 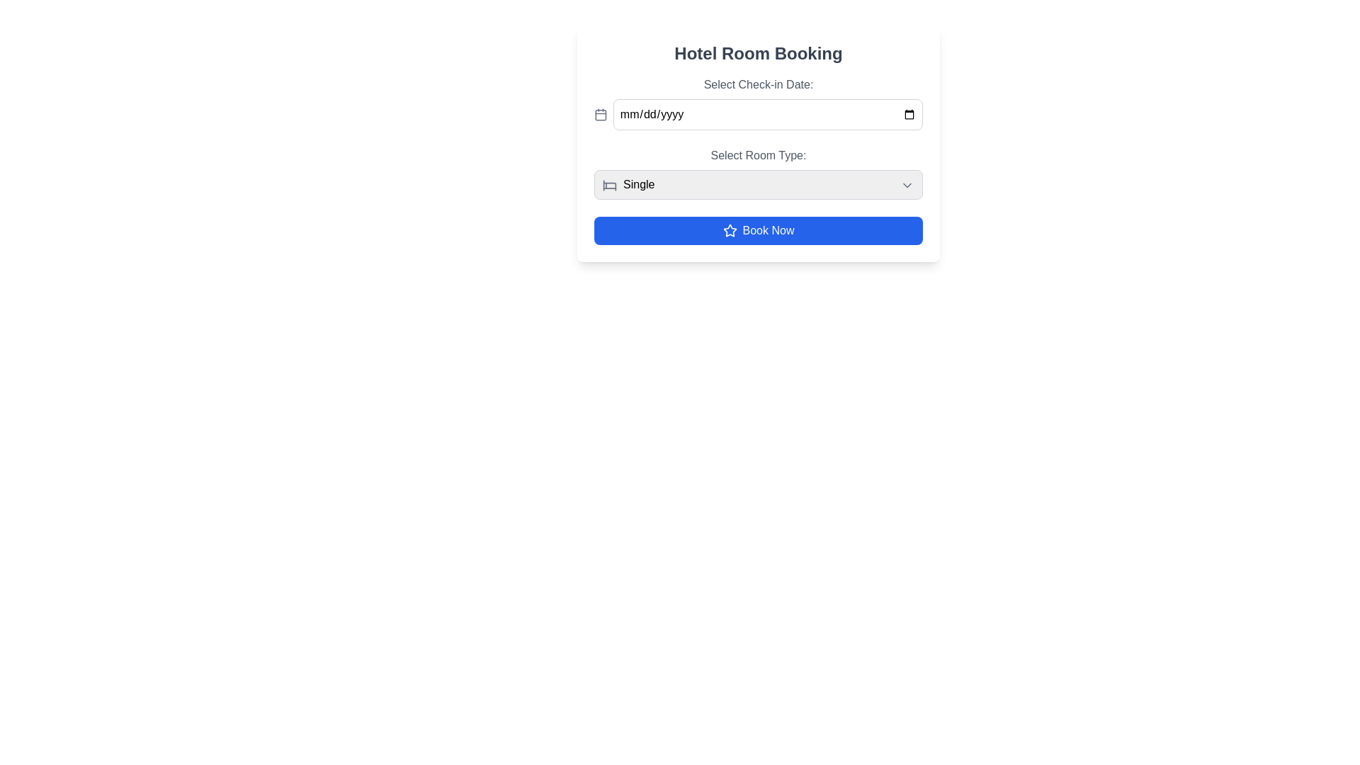 What do you see at coordinates (601, 114) in the screenshot?
I see `the calendar icon, which is a gray outline of a calendar with two vertical bars at the top, located to the left of the 'mm/dd/yyyy' date input field` at bounding box center [601, 114].